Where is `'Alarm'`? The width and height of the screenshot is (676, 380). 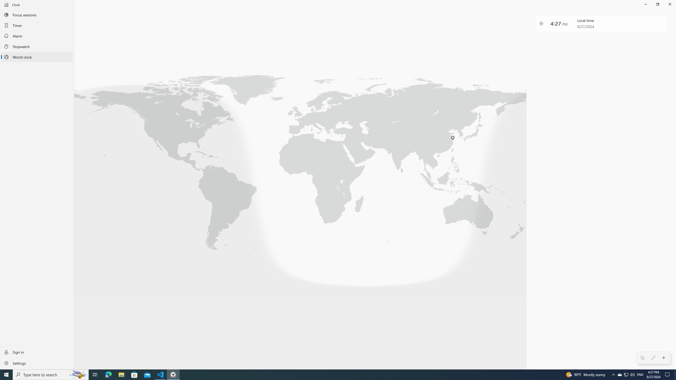
'Alarm' is located at coordinates (37, 36).